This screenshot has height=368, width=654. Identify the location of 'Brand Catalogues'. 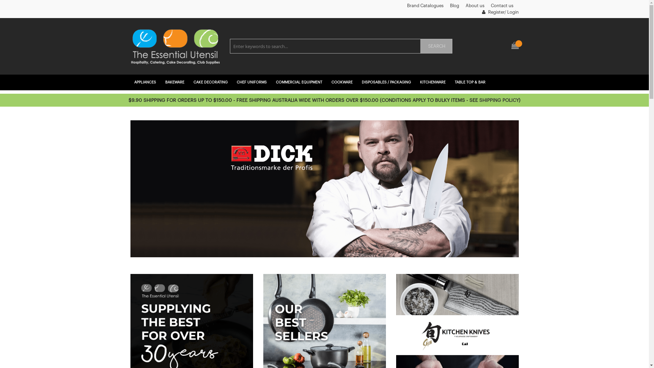
(424, 5).